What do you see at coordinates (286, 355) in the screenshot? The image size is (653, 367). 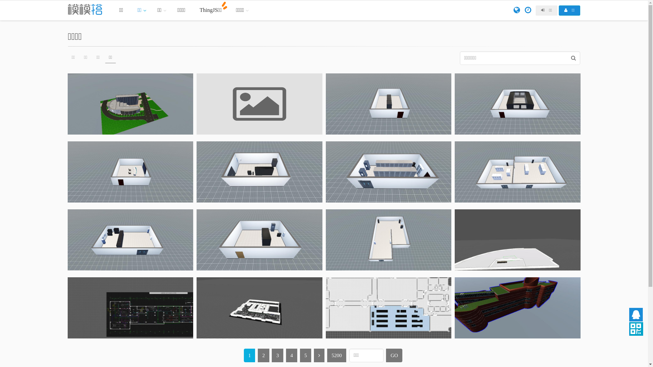 I see `'4'` at bounding box center [286, 355].